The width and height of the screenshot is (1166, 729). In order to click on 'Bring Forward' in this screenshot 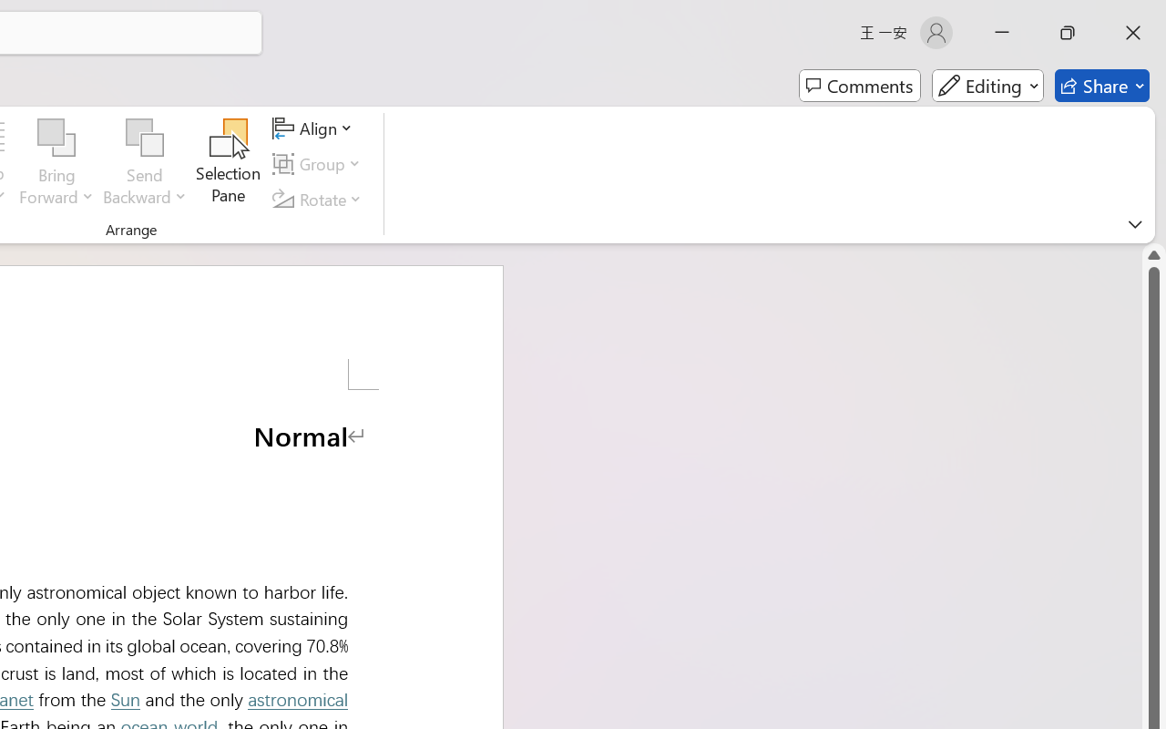, I will do `click(56, 163)`.